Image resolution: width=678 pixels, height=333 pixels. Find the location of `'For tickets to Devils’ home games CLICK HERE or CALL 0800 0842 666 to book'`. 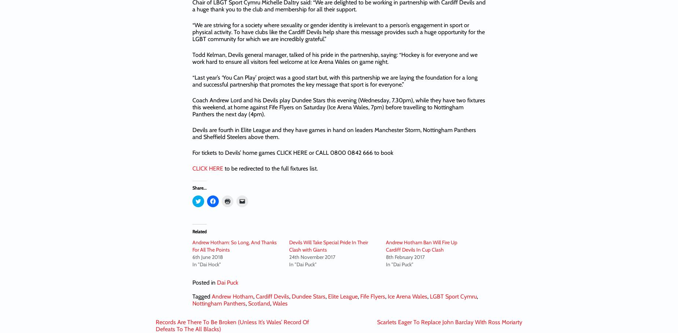

'For tickets to Devils’ home games CLICK HERE or CALL 0800 0842 666 to book' is located at coordinates (293, 152).